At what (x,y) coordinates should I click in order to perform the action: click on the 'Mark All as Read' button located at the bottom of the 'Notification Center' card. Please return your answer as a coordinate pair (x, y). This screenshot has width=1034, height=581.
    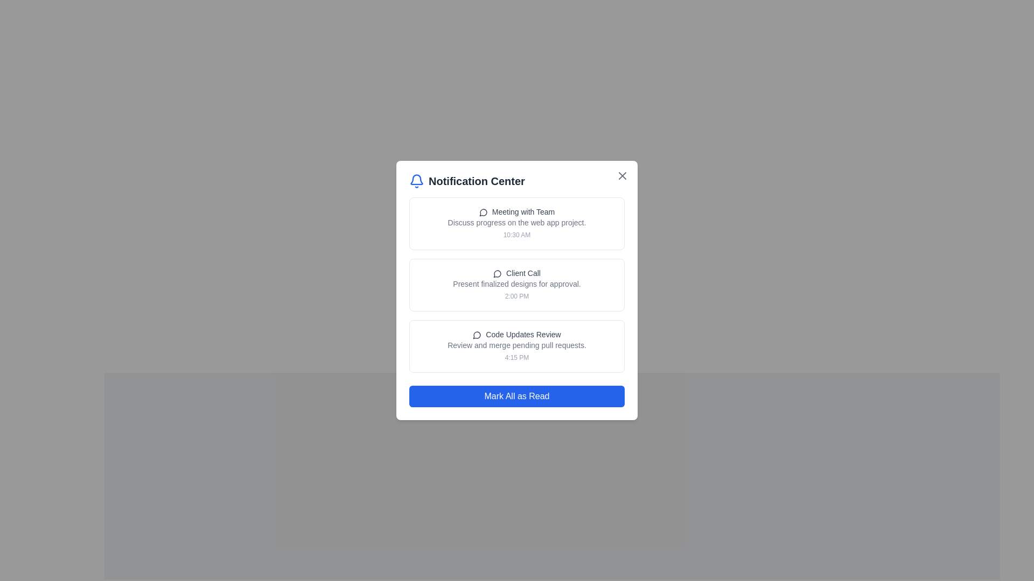
    Looking at the image, I should click on (517, 396).